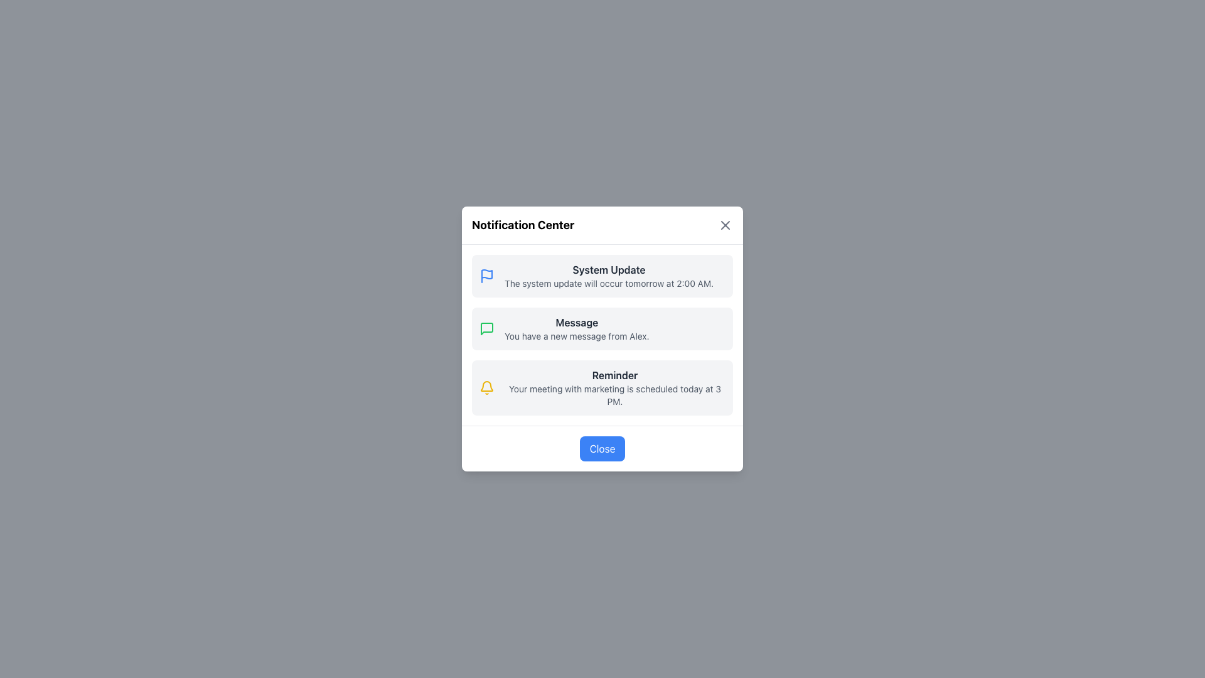 The width and height of the screenshot is (1205, 678). Describe the element at coordinates (726, 224) in the screenshot. I see `the close button located in the top-right corner of the 'Notification Center' modal` at that location.